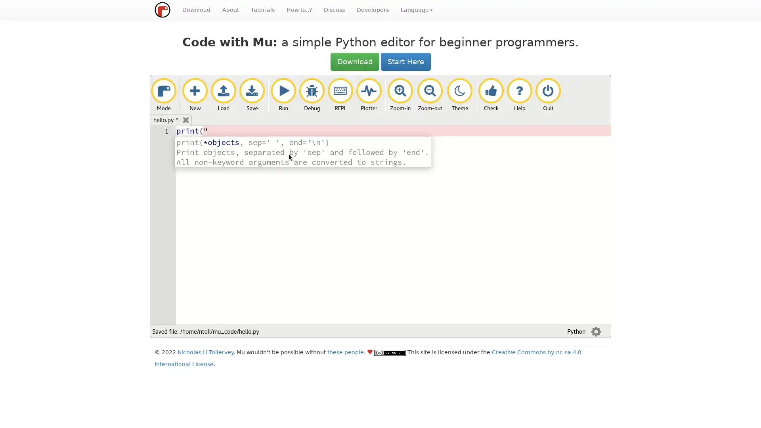 This screenshot has height=428, width=761. Describe the element at coordinates (405, 61) in the screenshot. I see `Start Here` at that location.